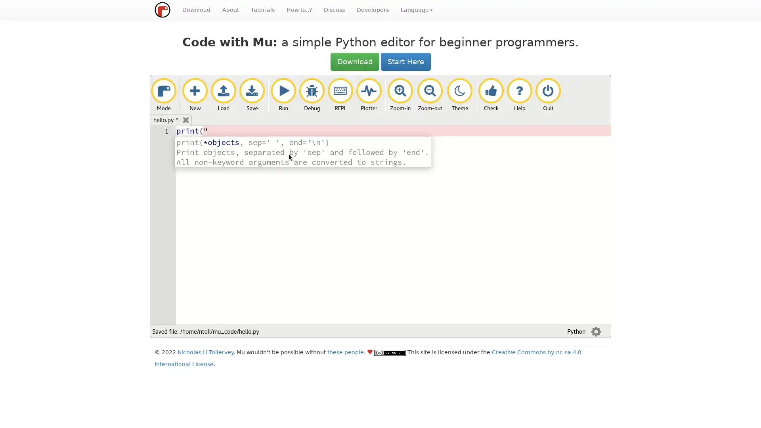 This screenshot has height=428, width=761. Describe the element at coordinates (405, 61) in the screenshot. I see `Start Here` at that location.